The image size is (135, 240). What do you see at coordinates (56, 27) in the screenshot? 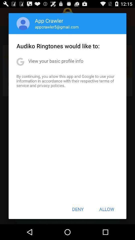
I see `appcrawler5@gmail.com` at bounding box center [56, 27].